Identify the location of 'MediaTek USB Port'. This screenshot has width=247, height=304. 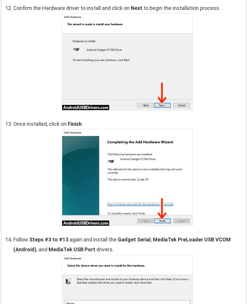
(72, 249).